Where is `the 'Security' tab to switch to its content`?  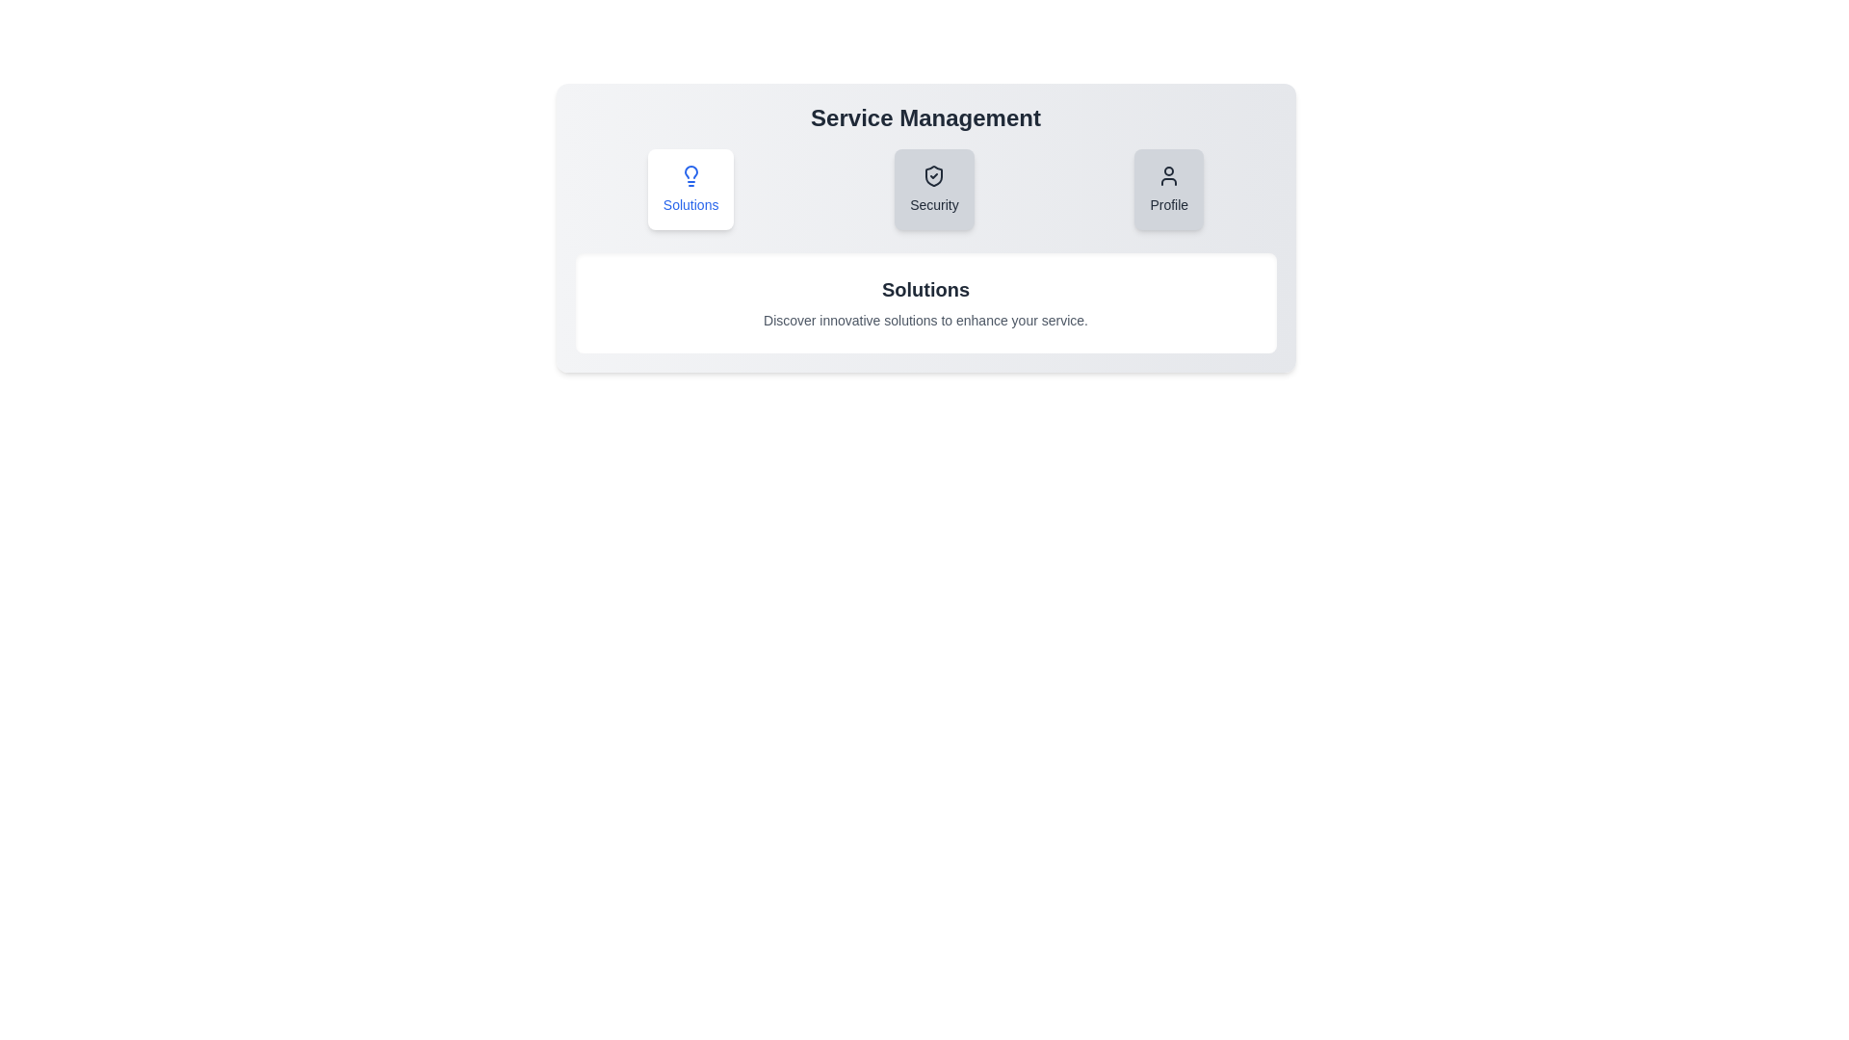 the 'Security' tab to switch to its content is located at coordinates (933, 189).